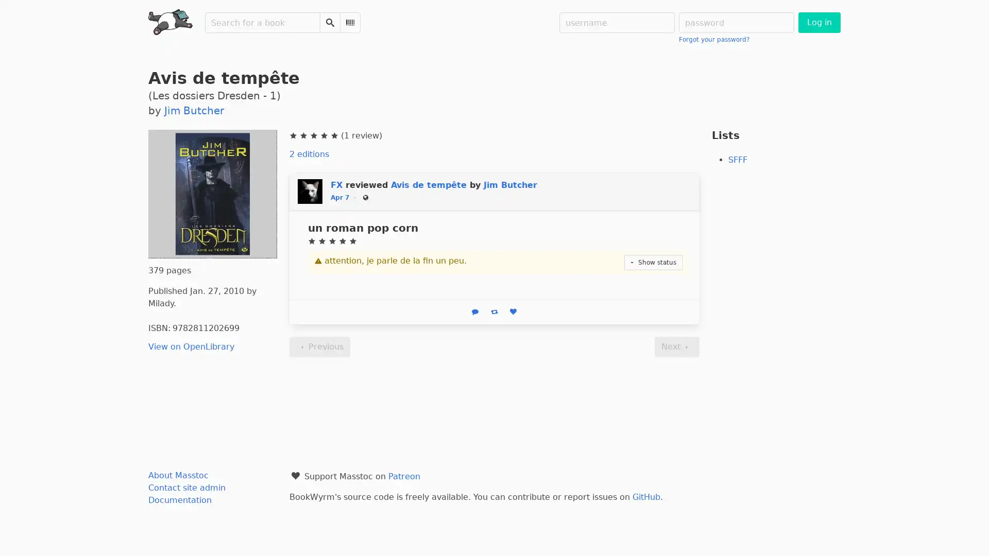 Image resolution: width=989 pixels, height=556 pixels. Describe the element at coordinates (212, 194) in the screenshot. I see `Avis de tempete (2010, Milady) Click to enlarge` at that location.